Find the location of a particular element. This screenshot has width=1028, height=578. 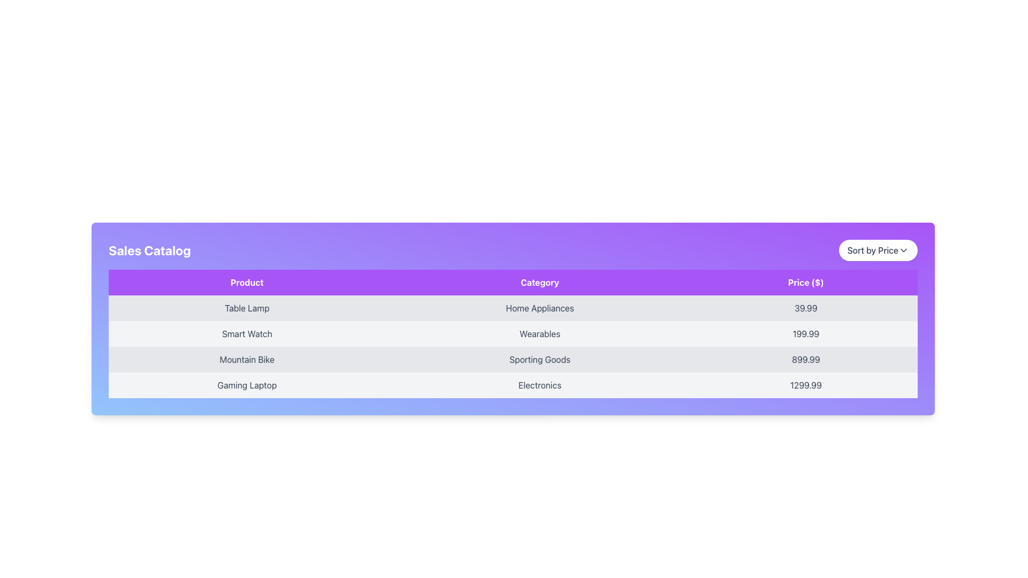

the 'Product' table header cell, which is the leftmost element in the header row of a table, located in the purple header section is located at coordinates (246, 282).